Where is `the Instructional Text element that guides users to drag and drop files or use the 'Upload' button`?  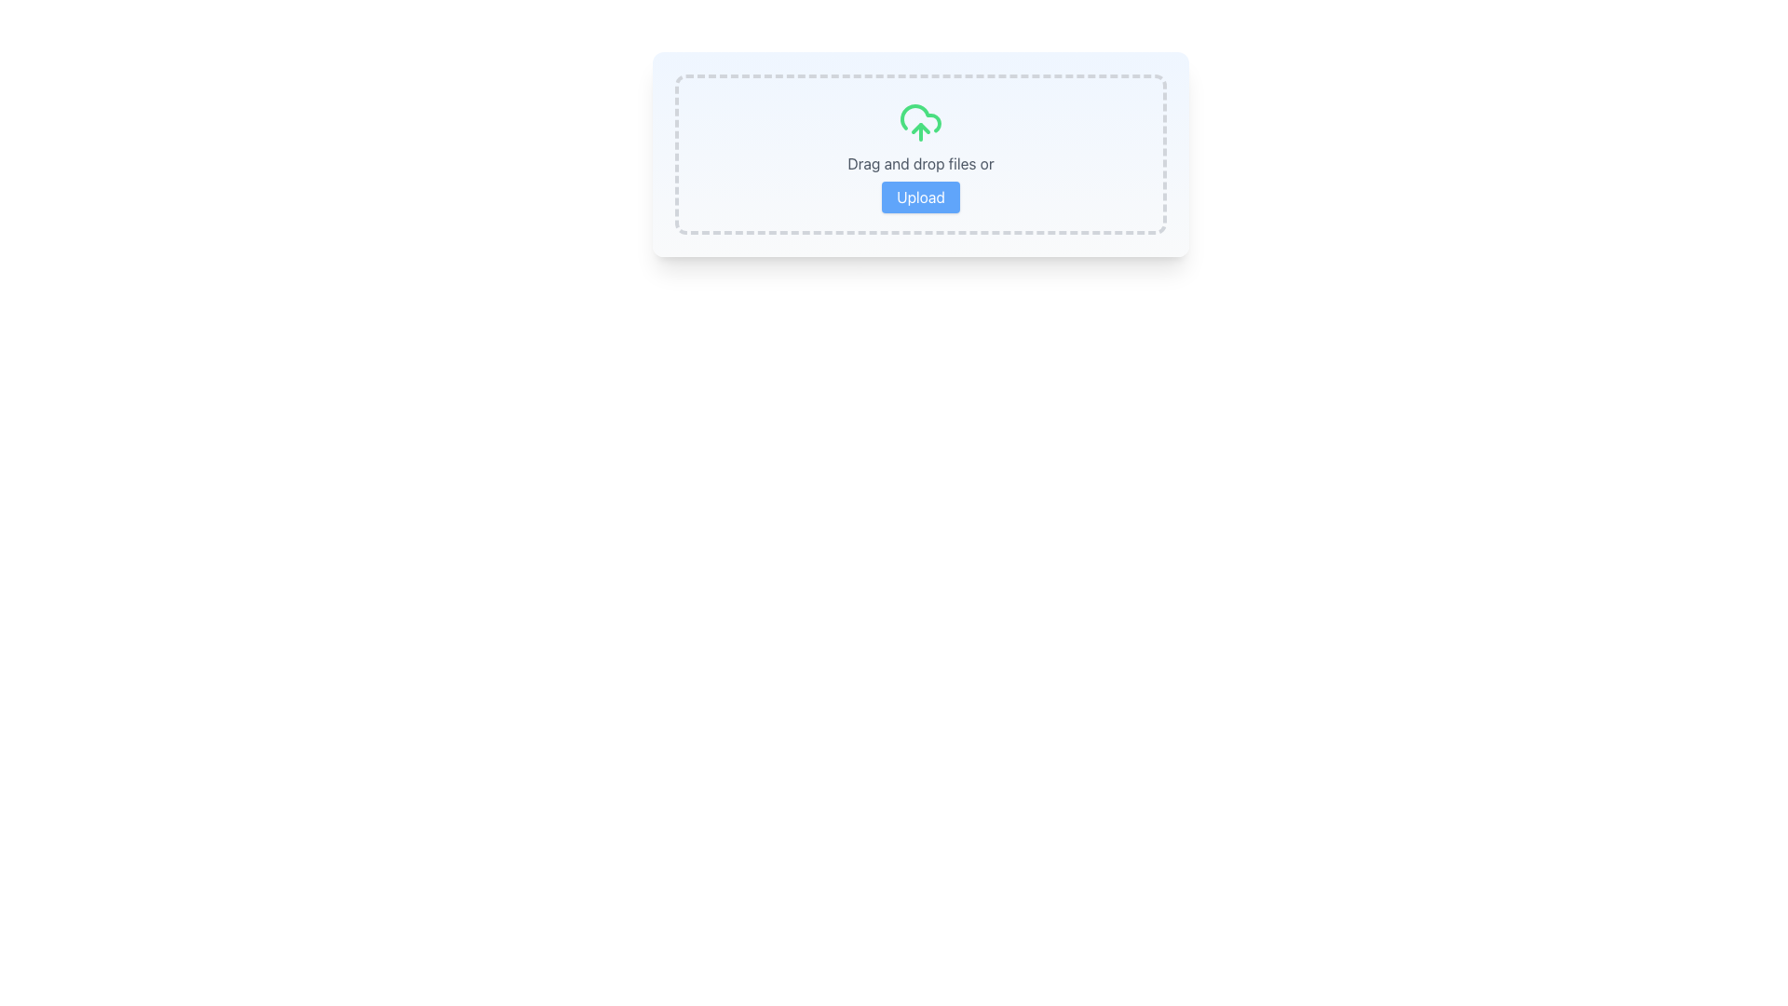 the Instructional Text element that guides users to drag and drop files or use the 'Upload' button is located at coordinates (920, 163).